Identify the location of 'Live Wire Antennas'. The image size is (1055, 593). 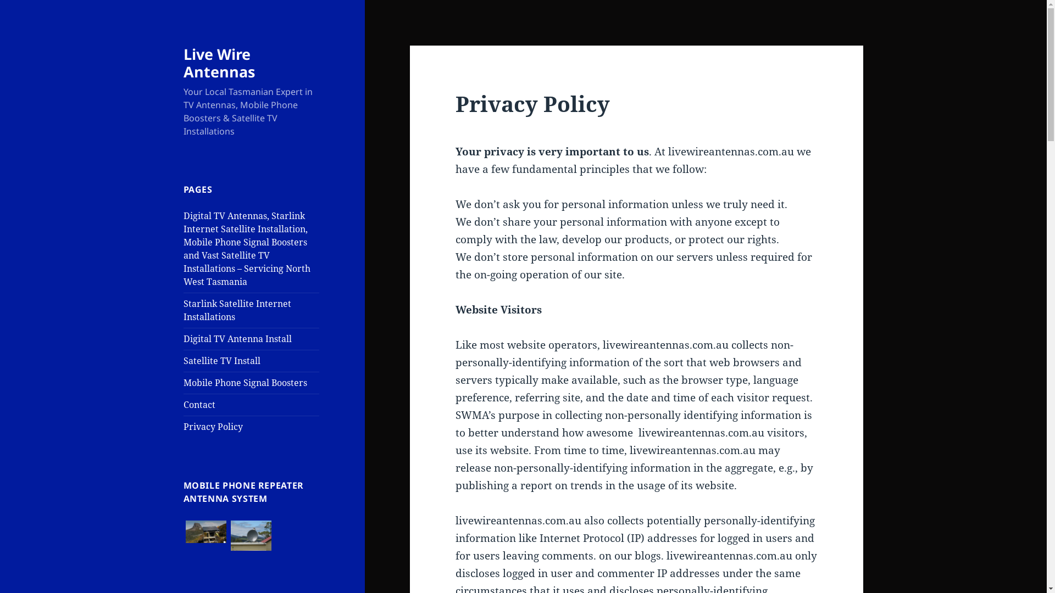
(219, 63).